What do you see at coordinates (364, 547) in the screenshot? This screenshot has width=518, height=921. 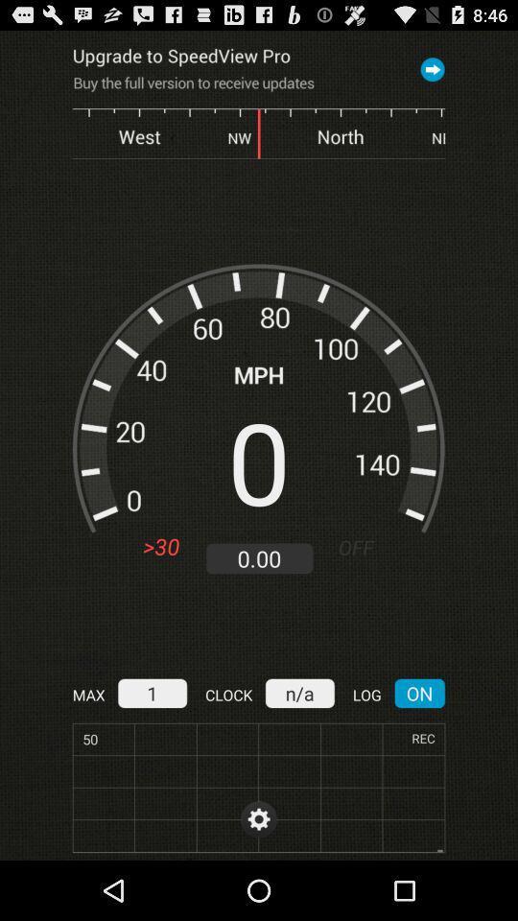 I see `the icon to the right of 0.00 app` at bounding box center [364, 547].